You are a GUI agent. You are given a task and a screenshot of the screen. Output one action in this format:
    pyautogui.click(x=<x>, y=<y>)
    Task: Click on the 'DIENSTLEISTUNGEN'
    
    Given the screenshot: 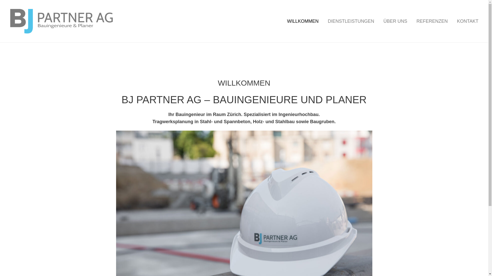 What is the action you would take?
    pyautogui.click(x=351, y=21)
    